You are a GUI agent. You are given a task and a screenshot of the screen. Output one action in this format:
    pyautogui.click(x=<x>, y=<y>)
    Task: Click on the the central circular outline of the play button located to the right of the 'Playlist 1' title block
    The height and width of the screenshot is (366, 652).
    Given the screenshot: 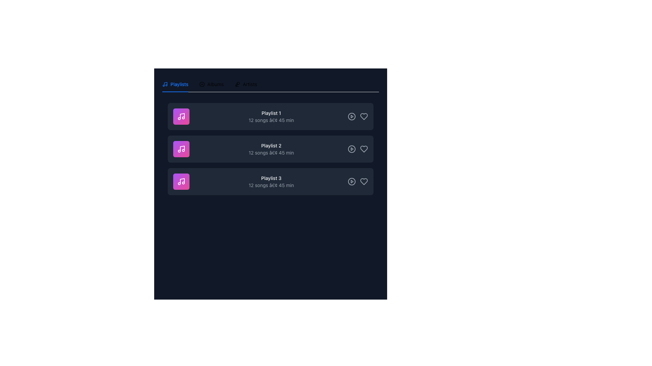 What is the action you would take?
    pyautogui.click(x=352, y=116)
    